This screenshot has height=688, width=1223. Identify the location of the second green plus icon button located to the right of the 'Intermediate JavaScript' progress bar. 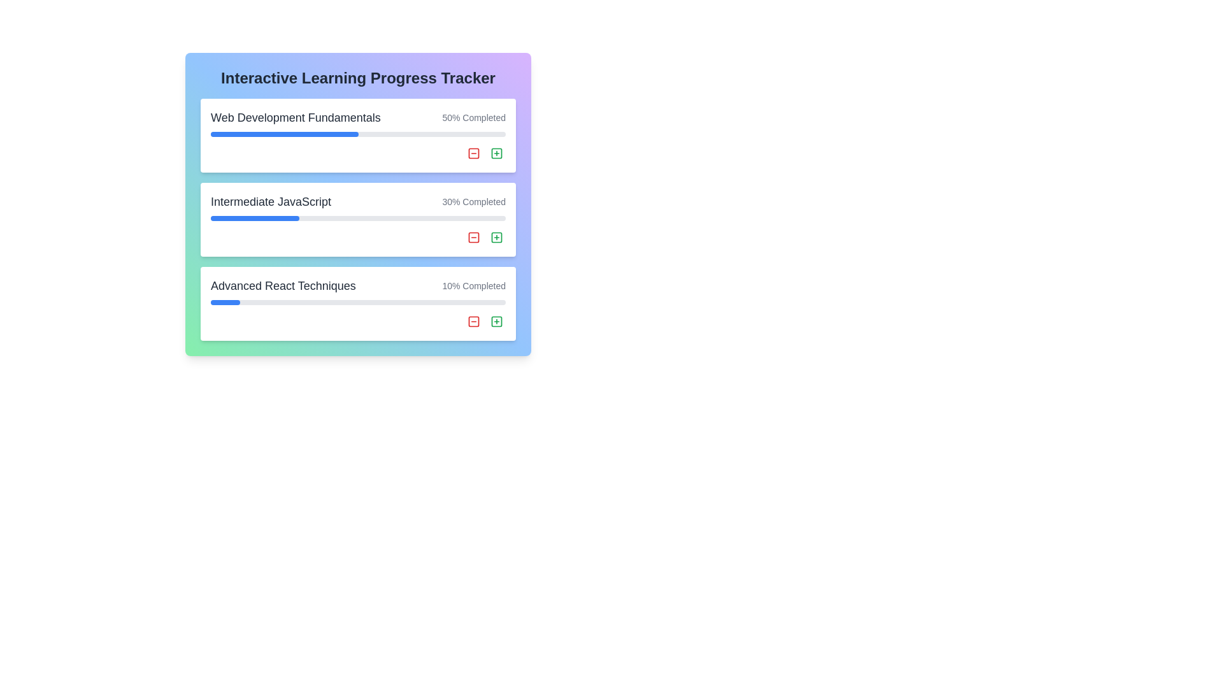
(496, 152).